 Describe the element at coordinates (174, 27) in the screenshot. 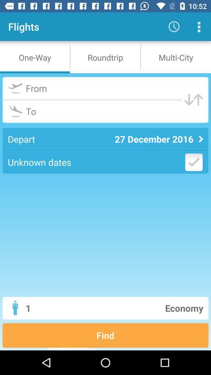

I see `the item to the right of the flights icon` at that location.